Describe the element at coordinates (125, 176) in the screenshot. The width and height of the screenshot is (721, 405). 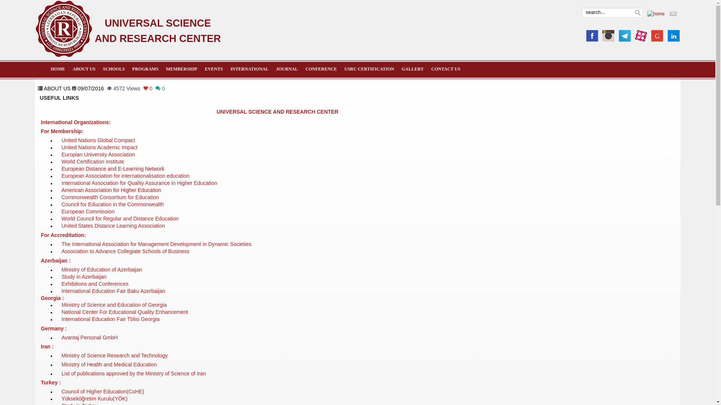
I see `'European Association for internationalisation education'` at that location.